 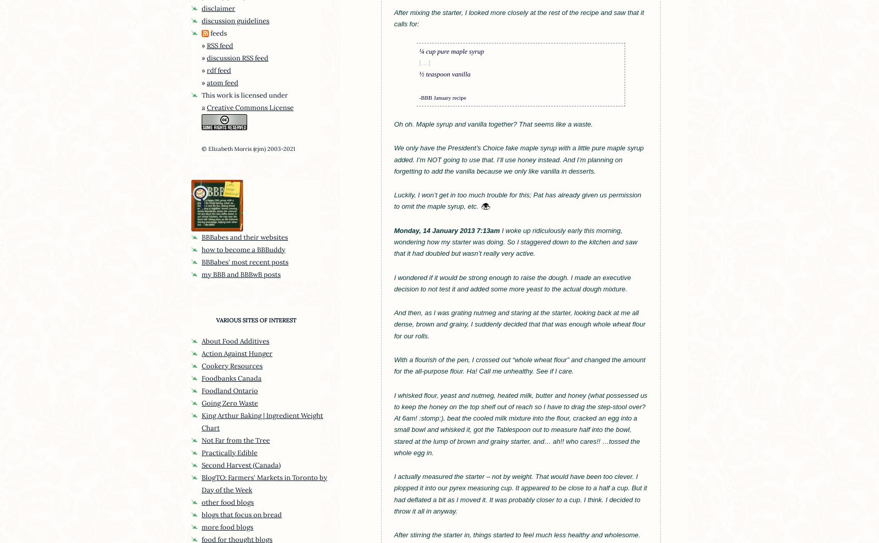 What do you see at coordinates (493, 123) in the screenshot?
I see `'Oh oh. Maple syrup and vanilla together? That seems like a waste.'` at bounding box center [493, 123].